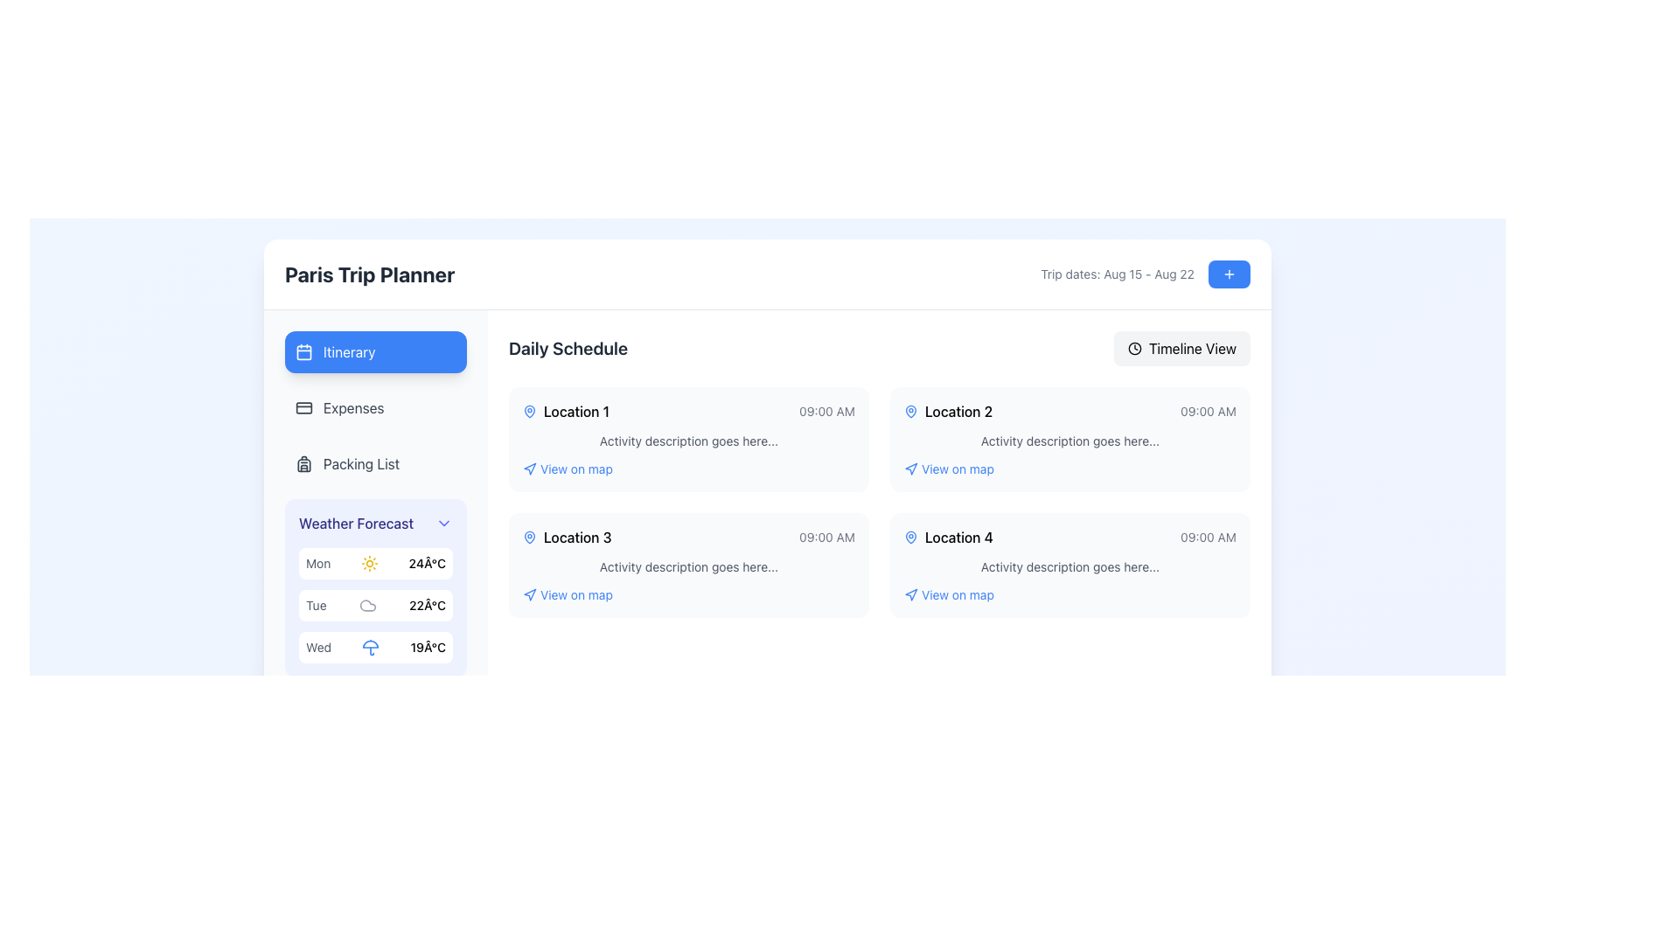 The image size is (1679, 944). I want to click on the 'Packing List' navigation link in the vertical menu, which is the third item below 'Expenses' and above 'Weather Forecast', so click(360, 463).